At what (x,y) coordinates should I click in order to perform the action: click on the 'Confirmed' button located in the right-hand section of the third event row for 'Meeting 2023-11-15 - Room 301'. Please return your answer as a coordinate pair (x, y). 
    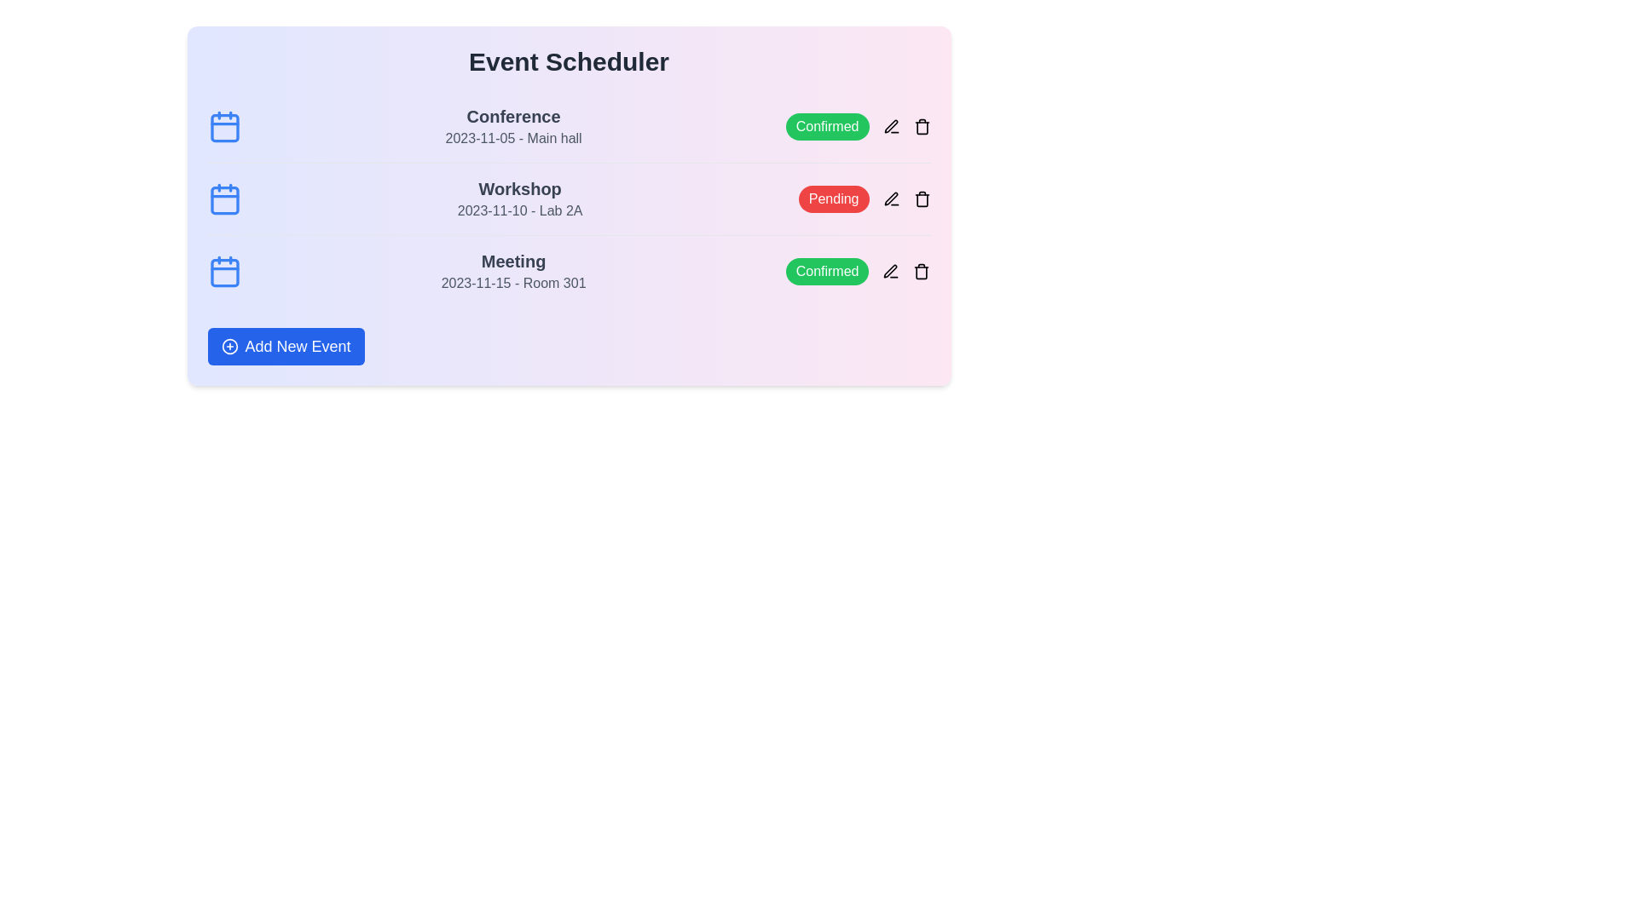
    Looking at the image, I should click on (858, 271).